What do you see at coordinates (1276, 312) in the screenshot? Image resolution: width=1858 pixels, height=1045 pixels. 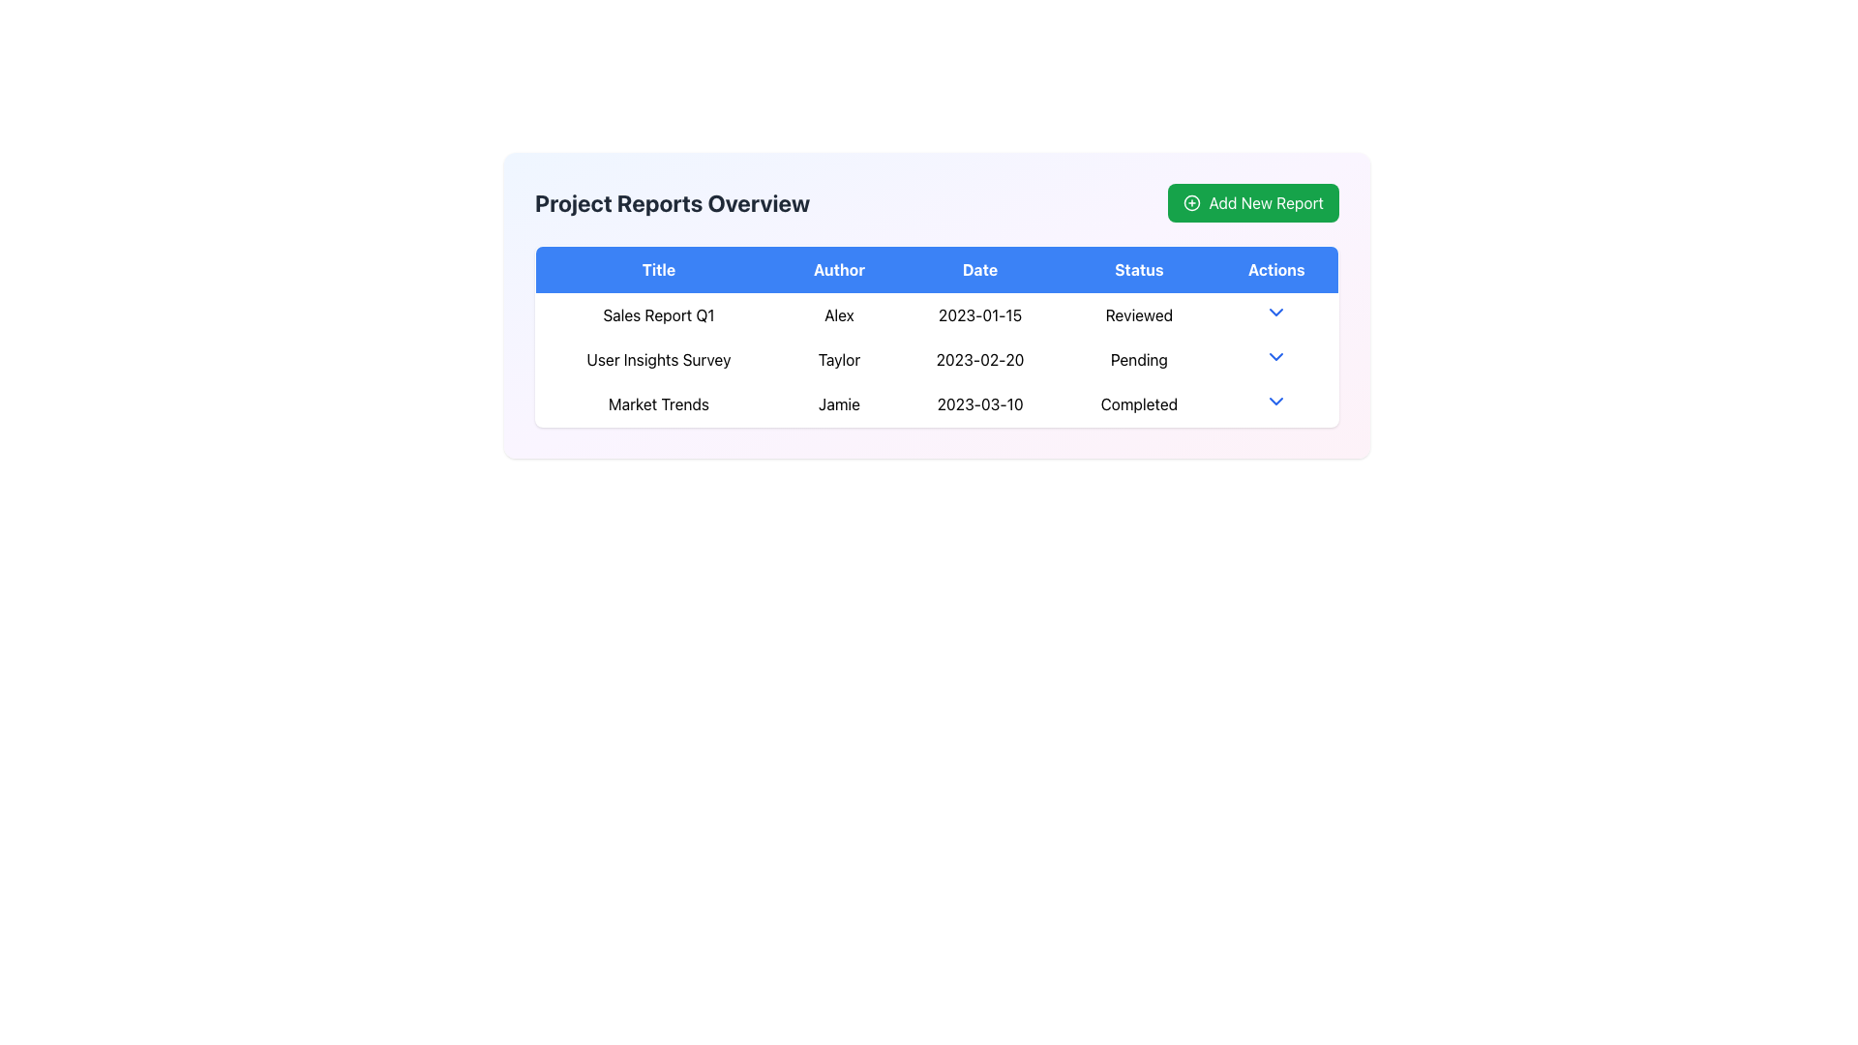 I see `the blue downward pointing chevron icon located in the 'Actions' column of the first row in the table` at bounding box center [1276, 312].